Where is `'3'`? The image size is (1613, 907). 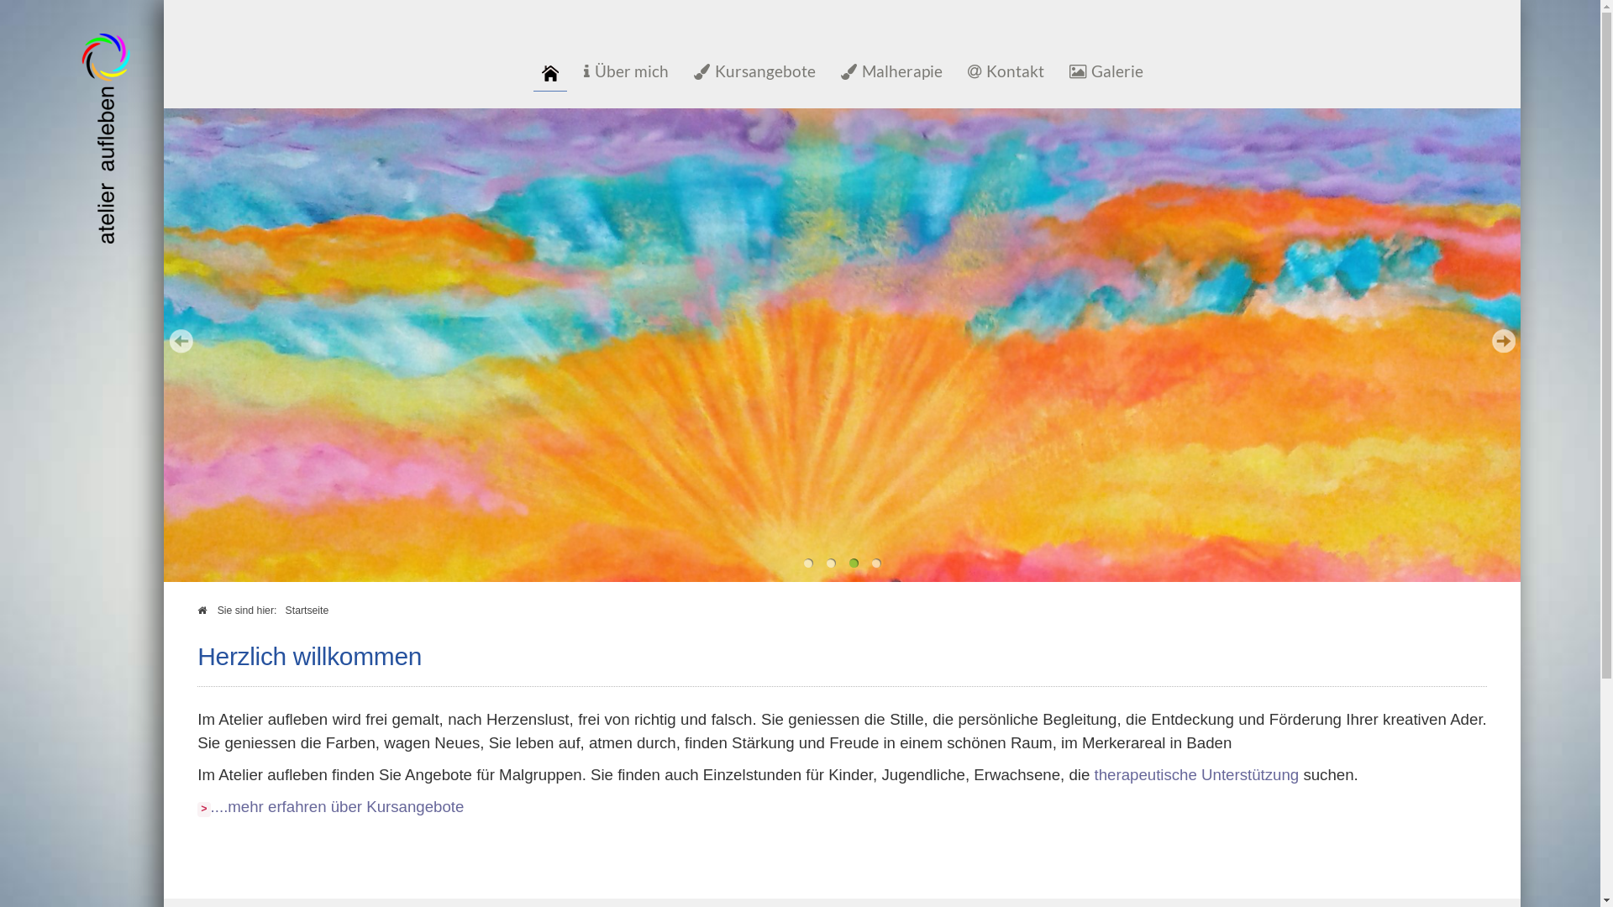 '3' is located at coordinates (853, 563).